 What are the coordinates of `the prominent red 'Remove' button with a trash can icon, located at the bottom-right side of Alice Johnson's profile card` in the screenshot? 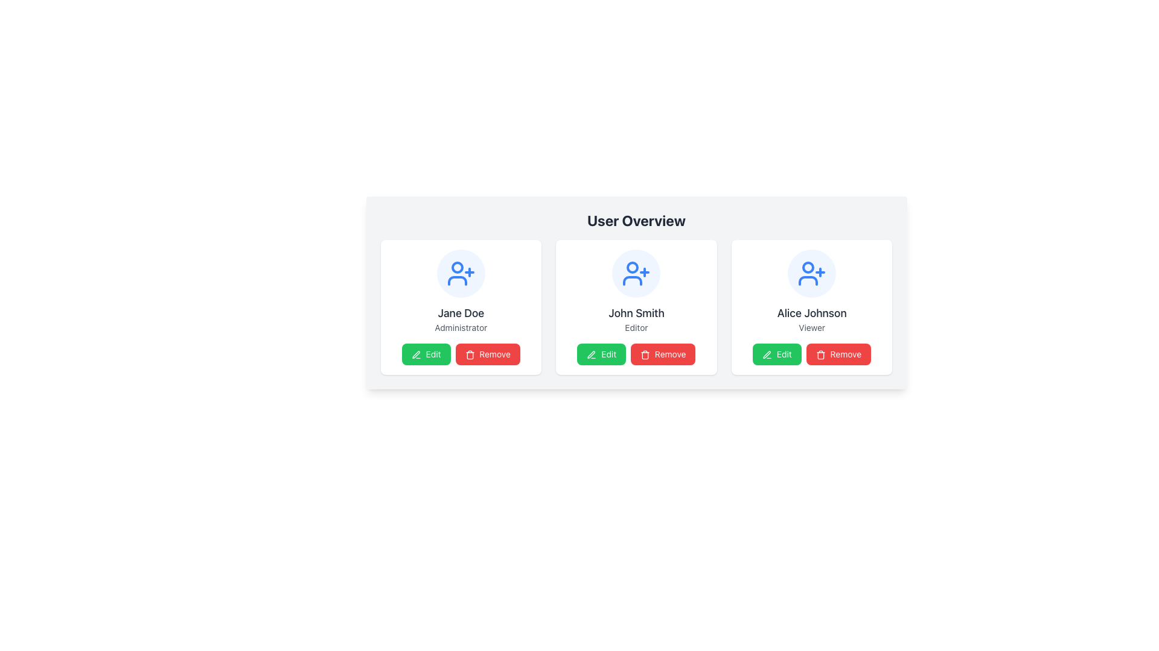 It's located at (838, 353).